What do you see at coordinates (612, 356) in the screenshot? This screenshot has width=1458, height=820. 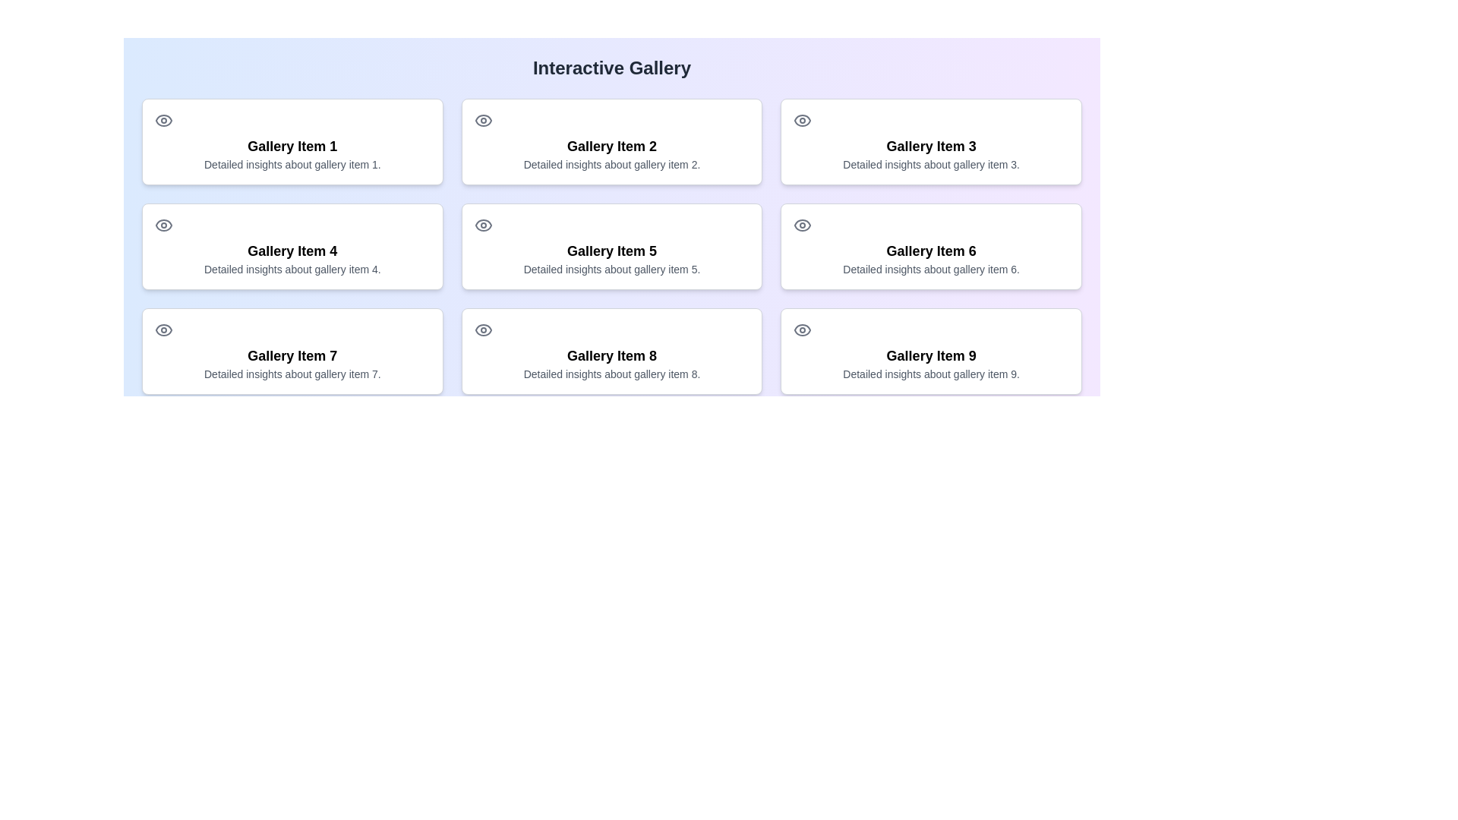 I see `text displayed in the 'Gallery Item 8' card, which is prominently styled in large bold font and located in the third row and second column of the gallery grid` at bounding box center [612, 356].